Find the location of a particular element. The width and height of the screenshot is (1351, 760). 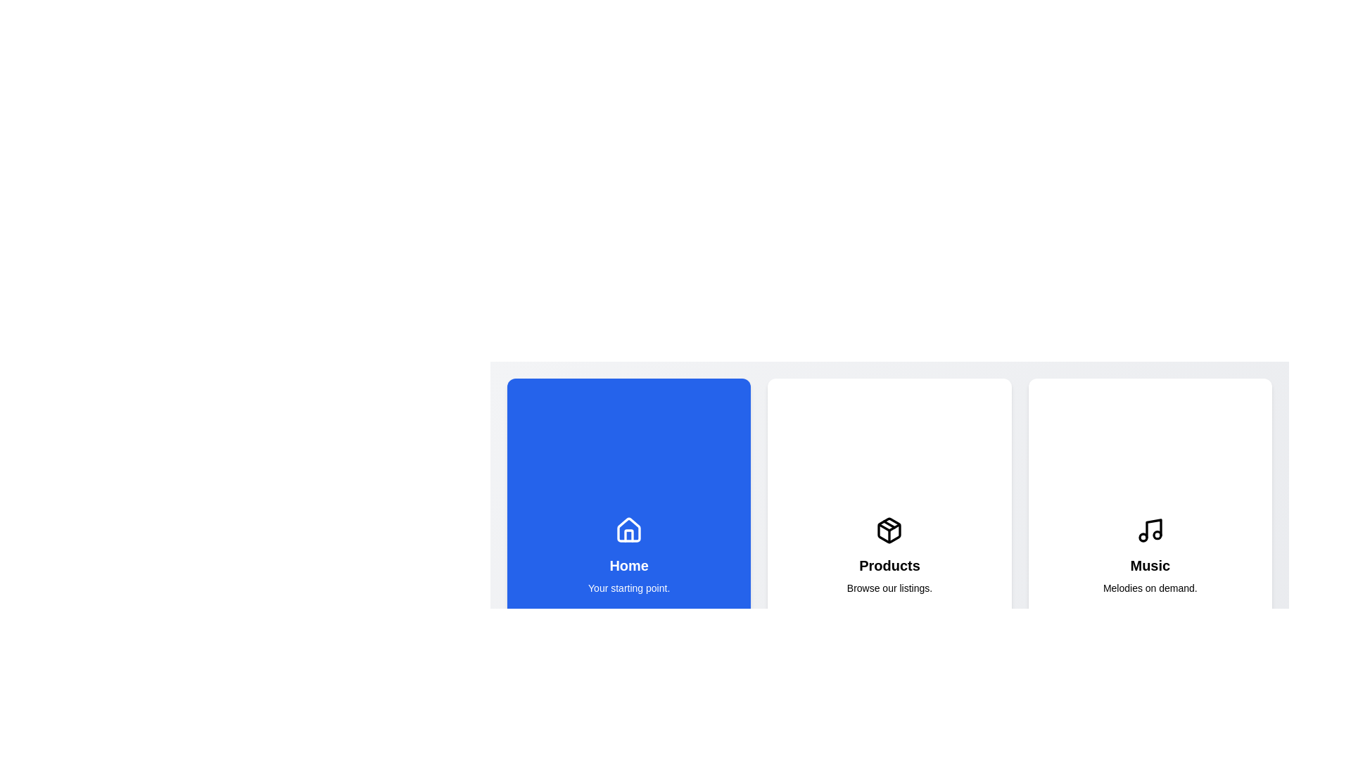

the section labeled Products to observe its visual changes is located at coordinates (888, 555).